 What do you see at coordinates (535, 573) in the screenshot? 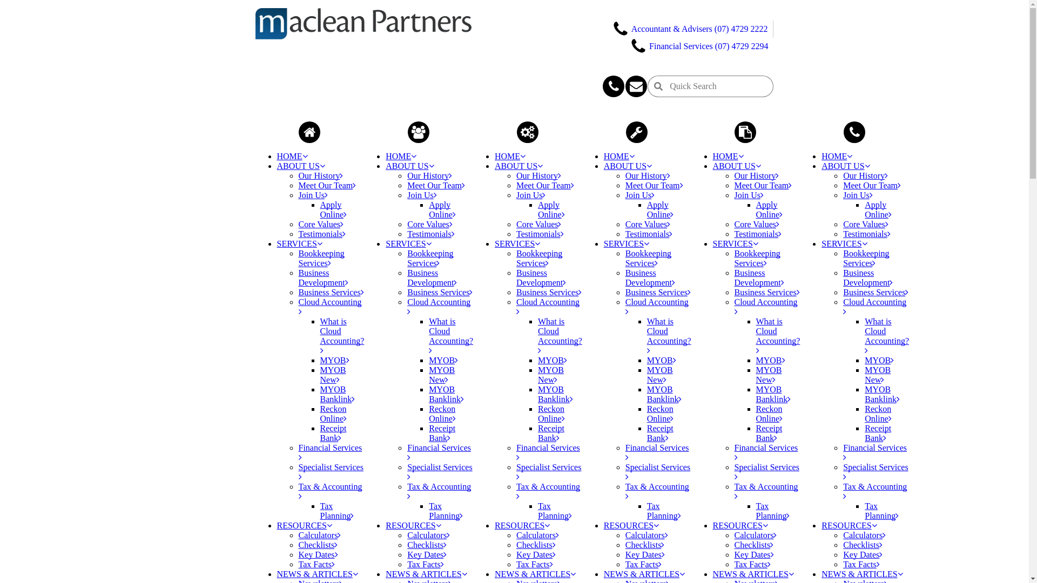
I see `'NEWS & ARTICLES'` at bounding box center [535, 573].